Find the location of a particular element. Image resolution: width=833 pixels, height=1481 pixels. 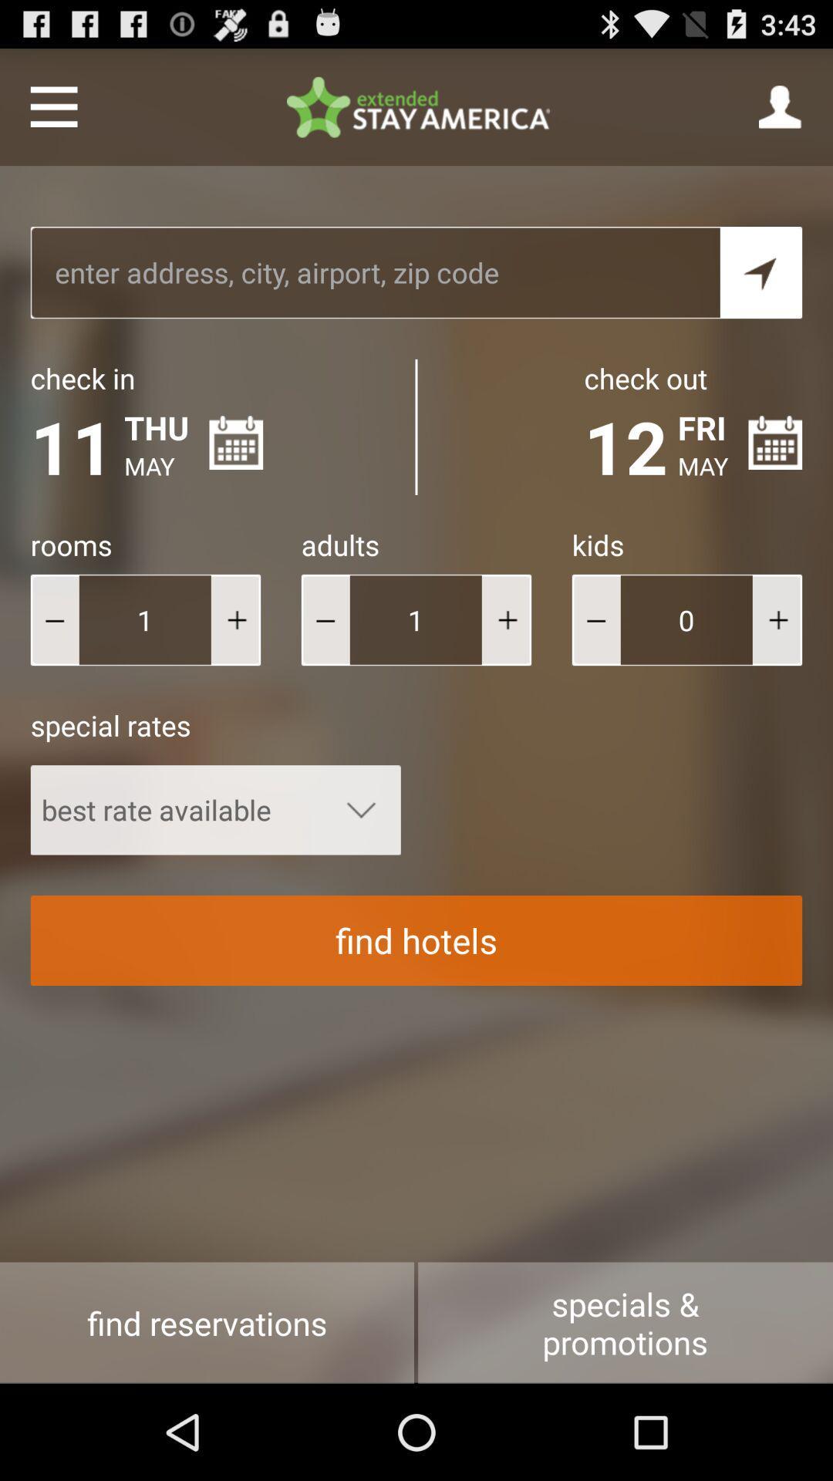

the menu icon is located at coordinates (53, 113).